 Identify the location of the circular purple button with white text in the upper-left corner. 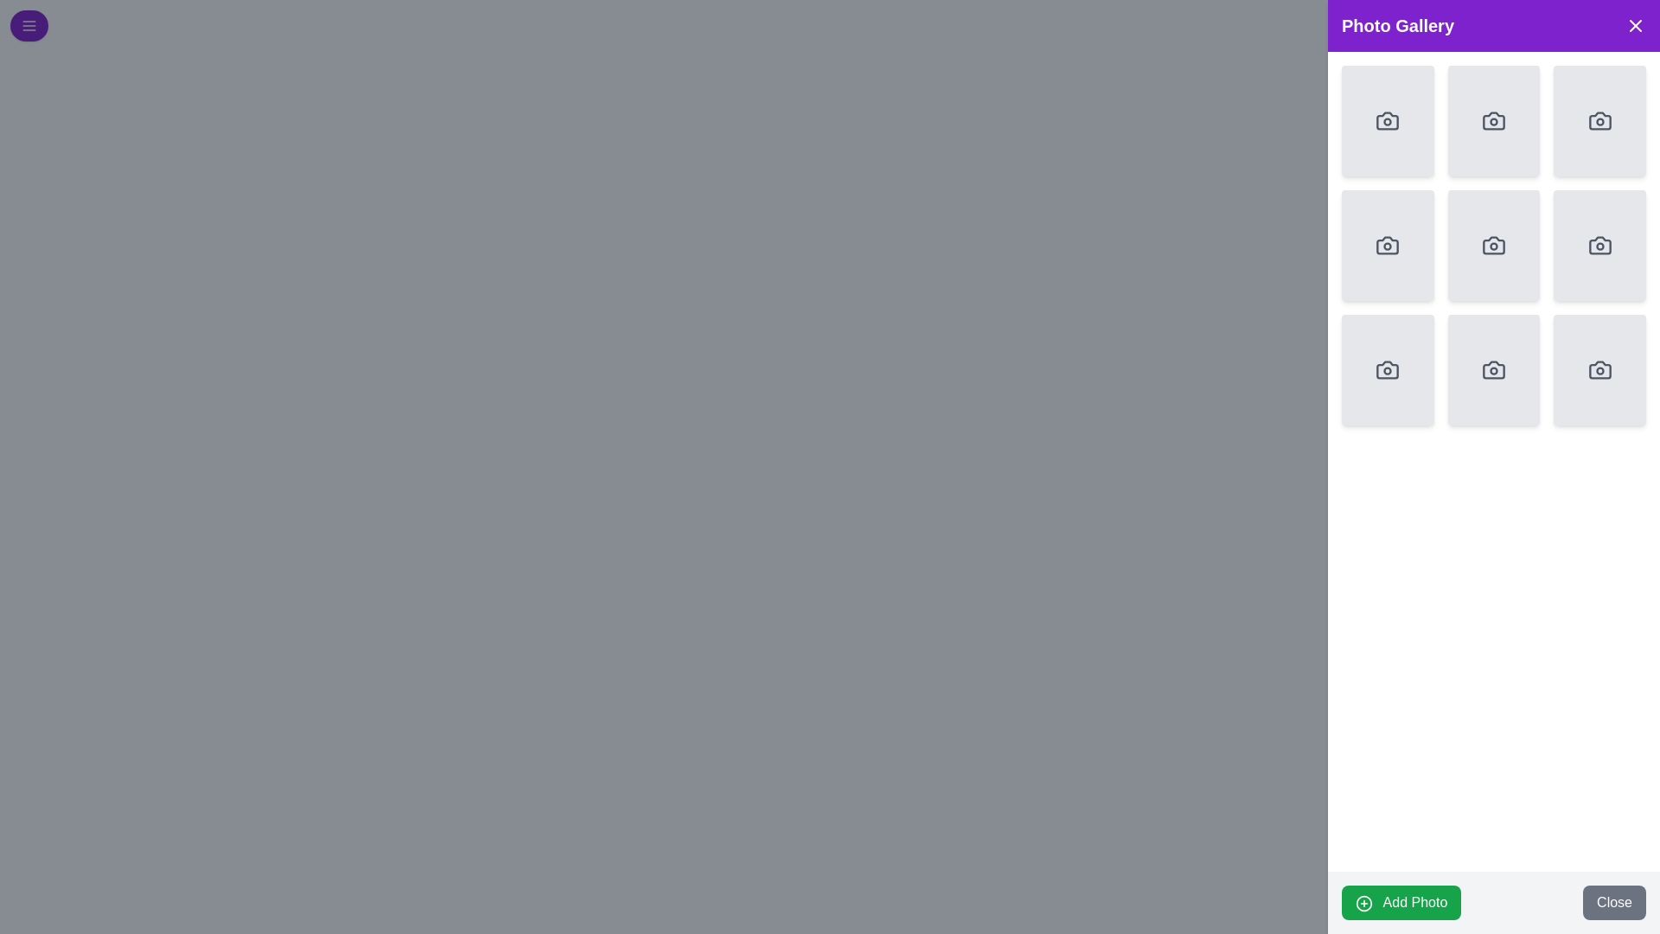
(29, 26).